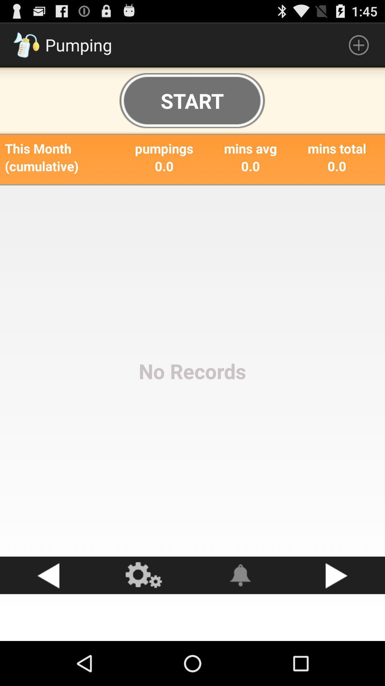  I want to click on turn on alarm, so click(241, 575).